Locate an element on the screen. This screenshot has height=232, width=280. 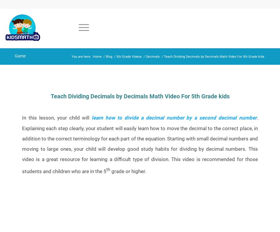
'https://www.kidsmathtv.com/wp-content/uploads/2016/02/web-2.png' is located at coordinates (46, 95).